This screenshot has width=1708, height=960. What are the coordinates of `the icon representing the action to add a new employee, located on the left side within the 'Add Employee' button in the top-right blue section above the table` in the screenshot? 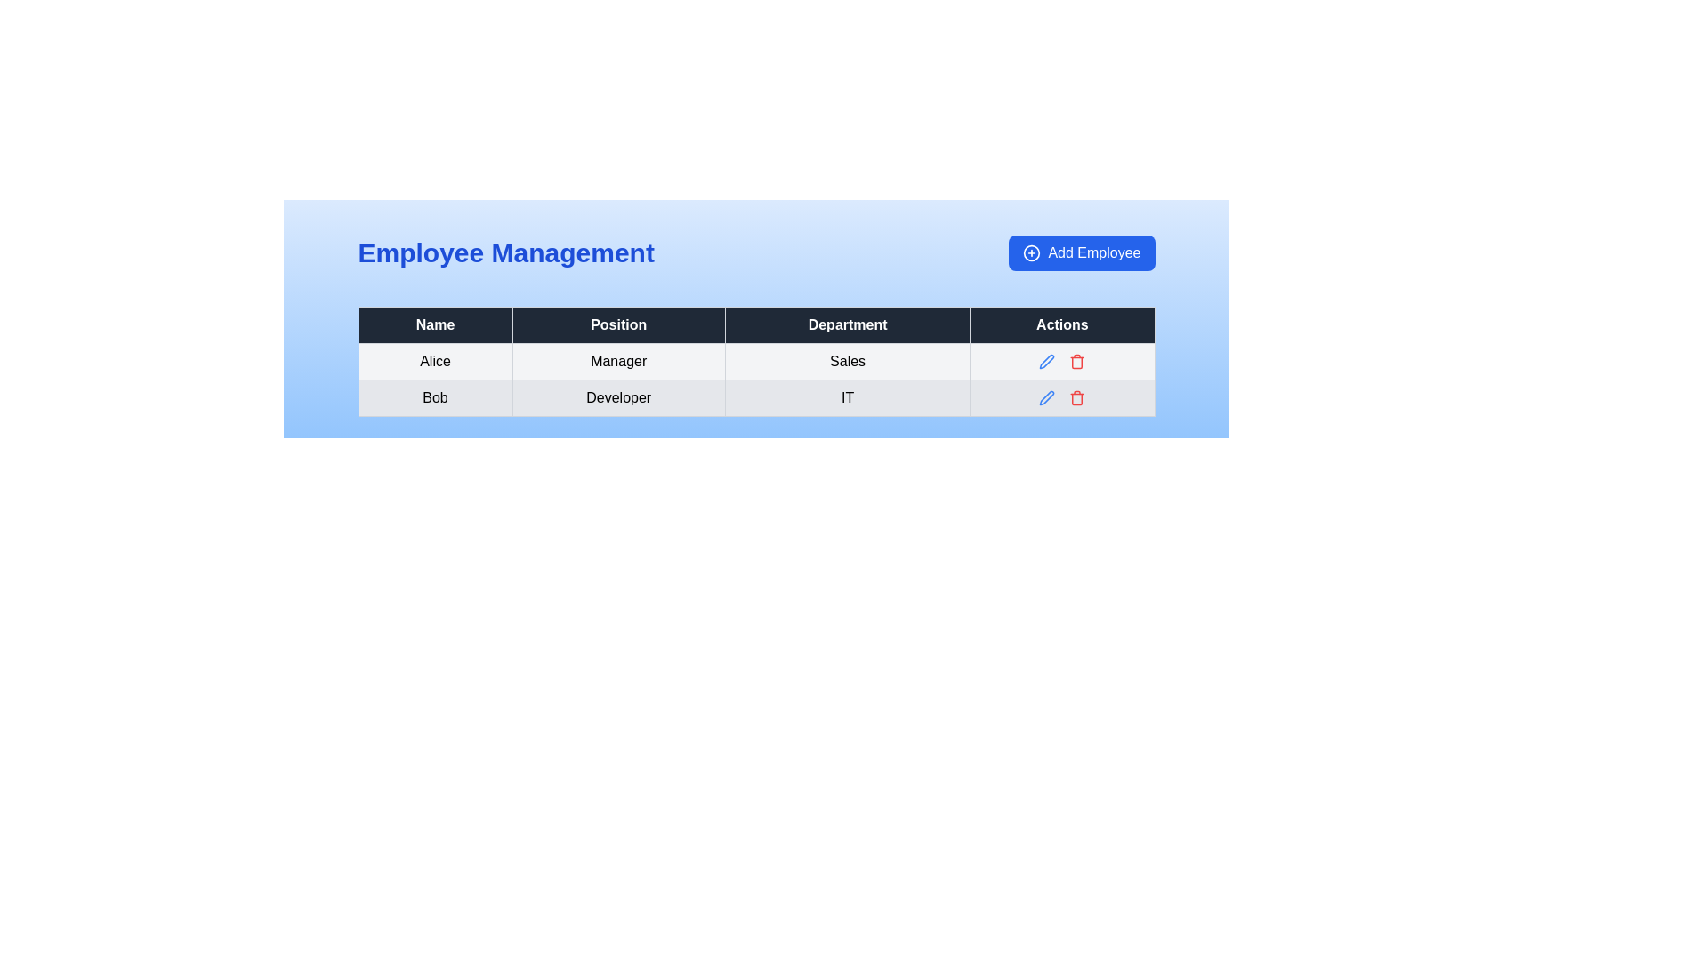 It's located at (1032, 253).